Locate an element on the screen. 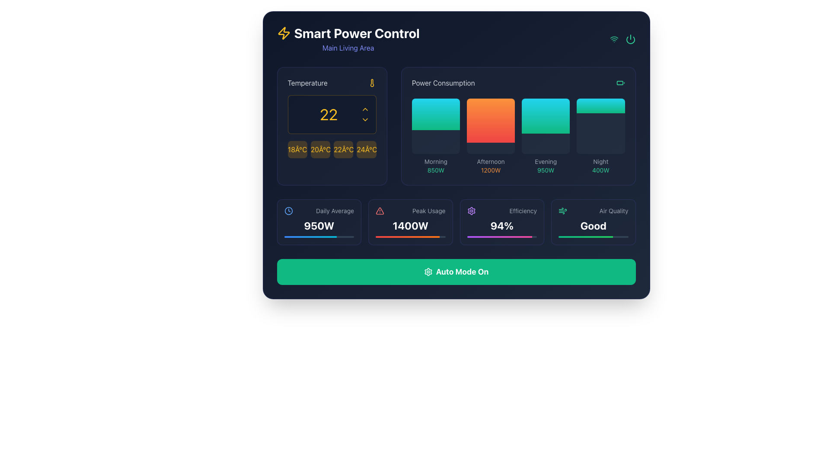  the gear icon located to the left of the 'Auto Mode On' text on a green background at the bottom center of the interface is located at coordinates (428, 271).